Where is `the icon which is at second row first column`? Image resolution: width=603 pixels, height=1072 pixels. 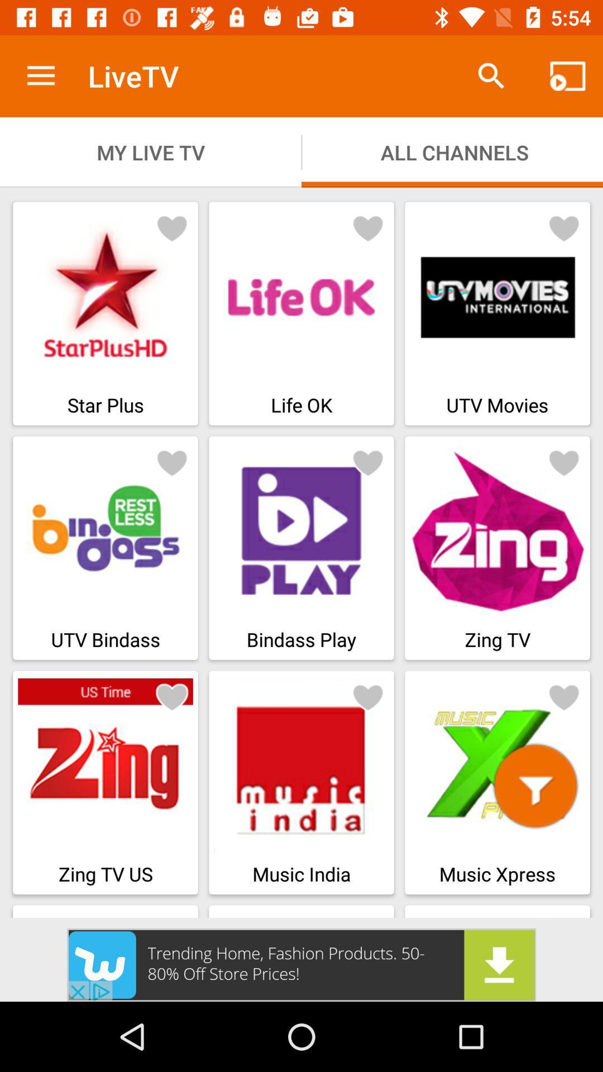 the icon which is at second row first column is located at coordinates (172, 462).